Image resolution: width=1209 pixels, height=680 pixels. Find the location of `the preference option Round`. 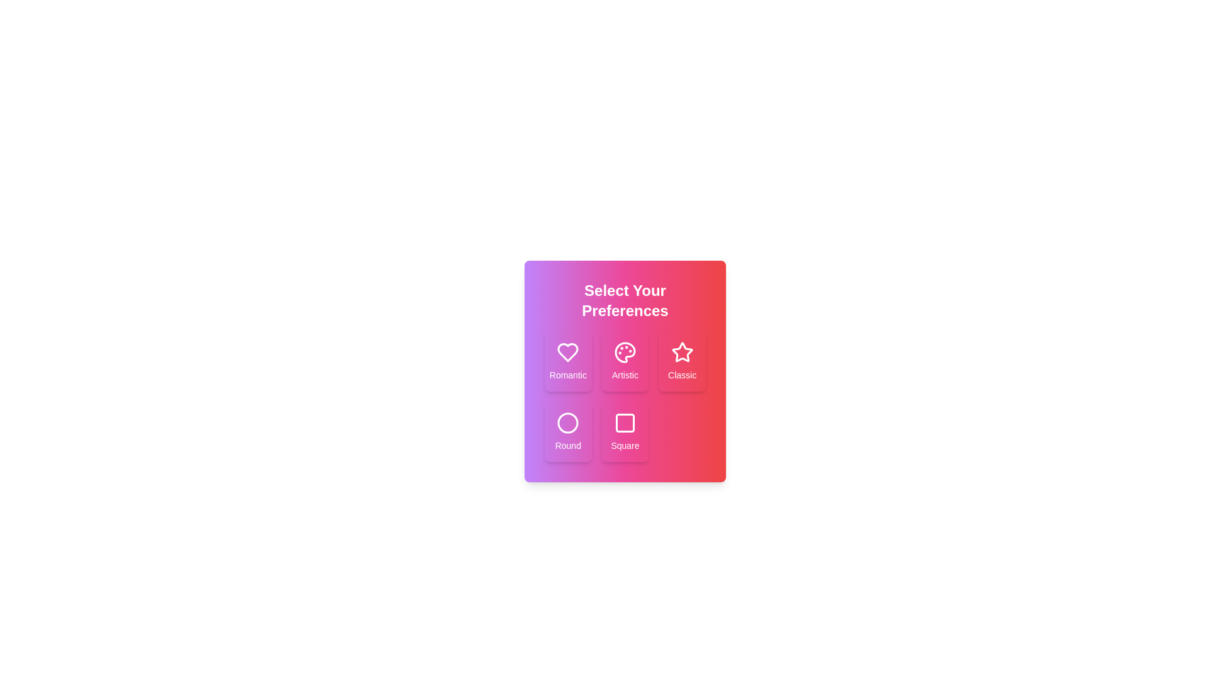

the preference option Round is located at coordinates (567, 431).